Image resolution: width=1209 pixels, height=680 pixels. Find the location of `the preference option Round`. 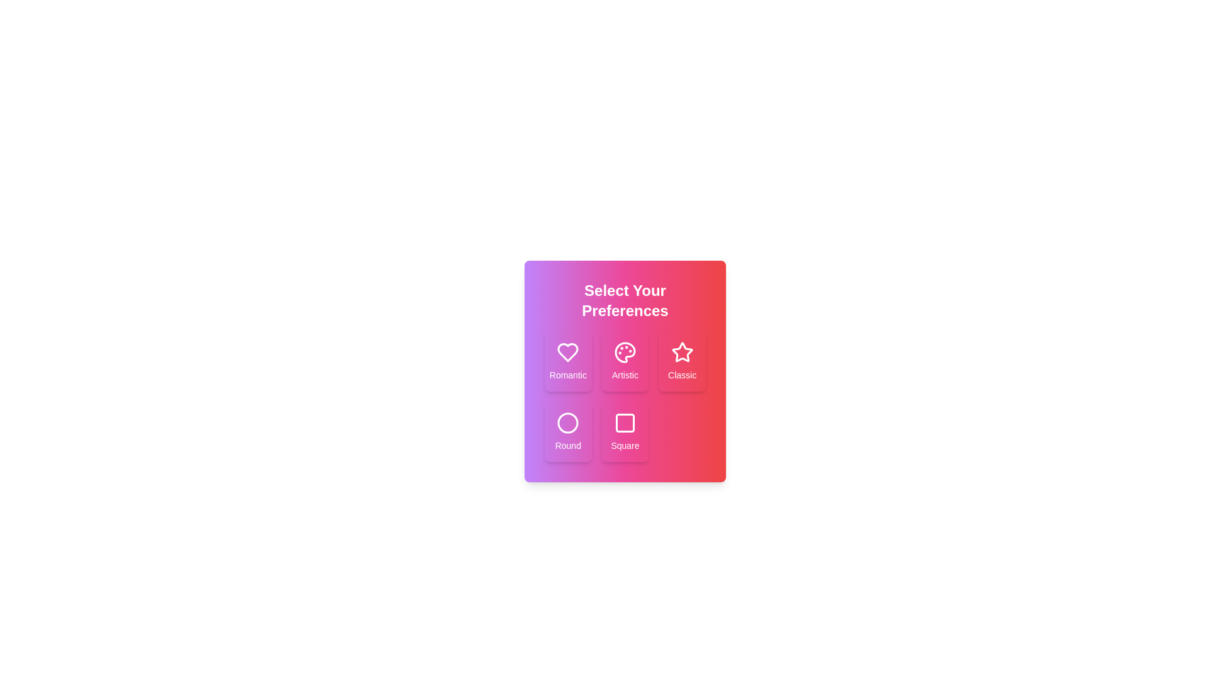

the preference option Round is located at coordinates (567, 431).